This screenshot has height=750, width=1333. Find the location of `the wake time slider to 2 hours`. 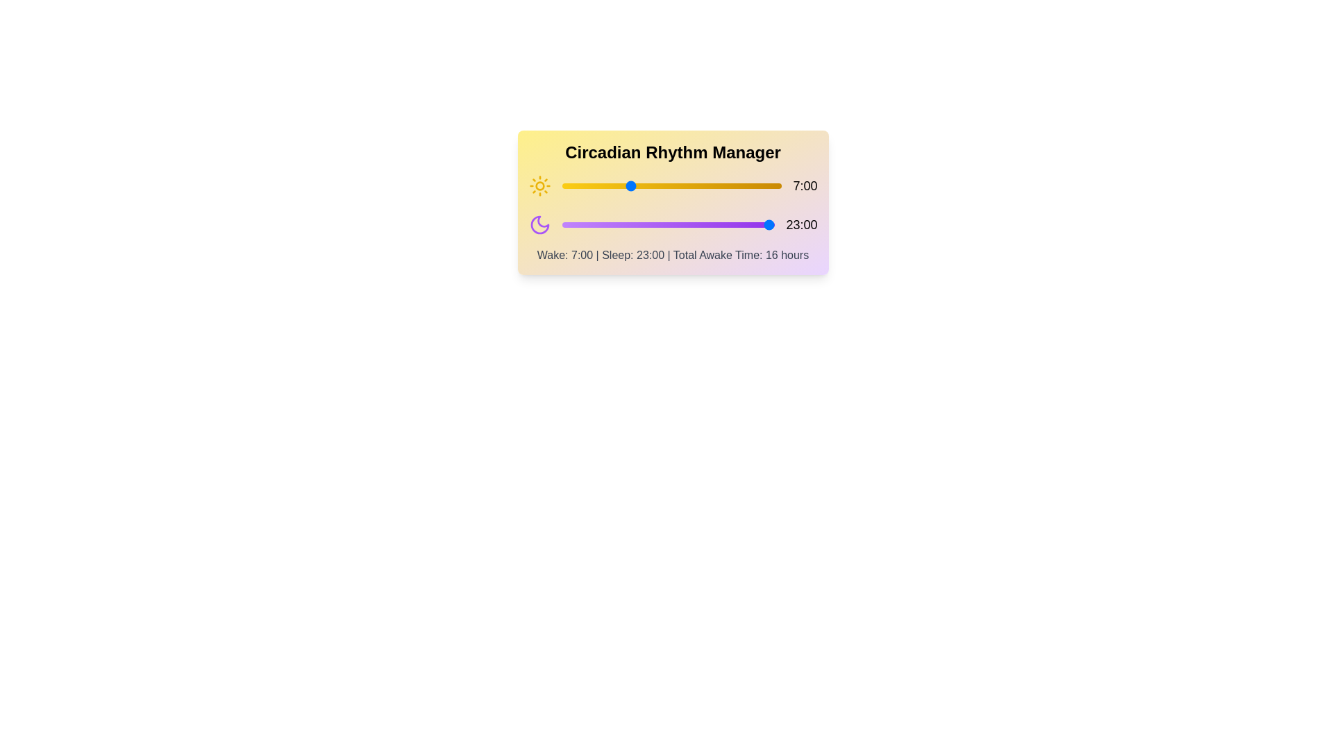

the wake time slider to 2 hours is located at coordinates (581, 185).